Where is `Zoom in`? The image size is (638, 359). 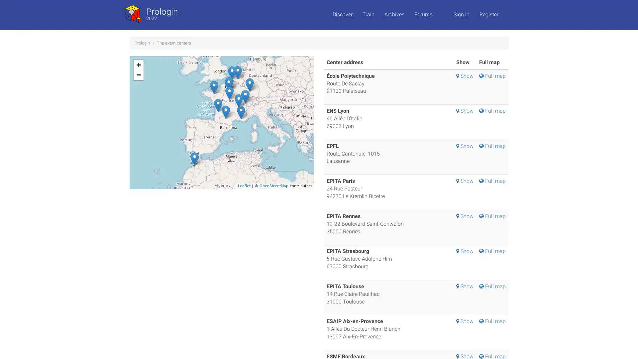
Zoom in is located at coordinates (138, 65).